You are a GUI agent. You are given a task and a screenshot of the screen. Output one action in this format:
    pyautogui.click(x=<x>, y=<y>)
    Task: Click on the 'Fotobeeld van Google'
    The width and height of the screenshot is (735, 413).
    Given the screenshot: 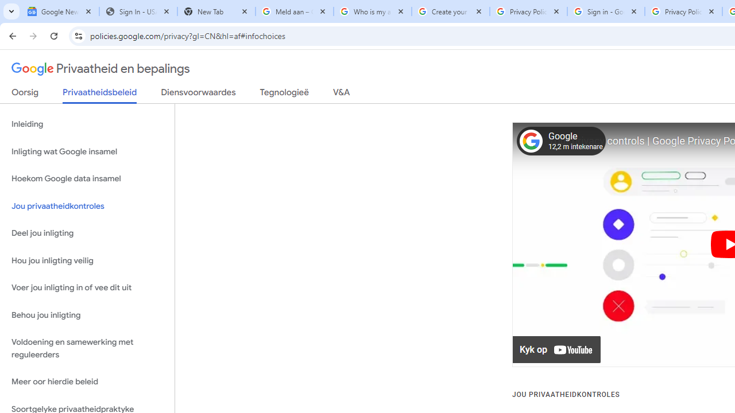 What is the action you would take?
    pyautogui.click(x=530, y=141)
    